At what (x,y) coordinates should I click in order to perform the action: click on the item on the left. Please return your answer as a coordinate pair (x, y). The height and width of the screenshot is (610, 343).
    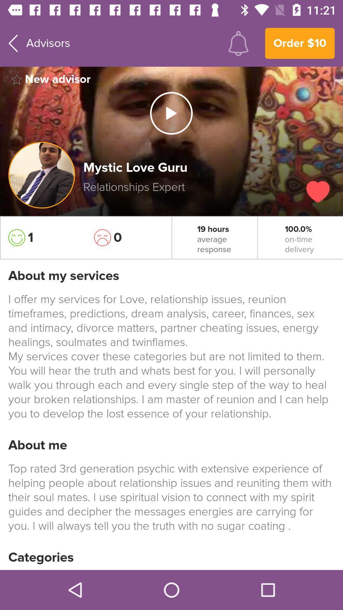
    Looking at the image, I should click on (43, 237).